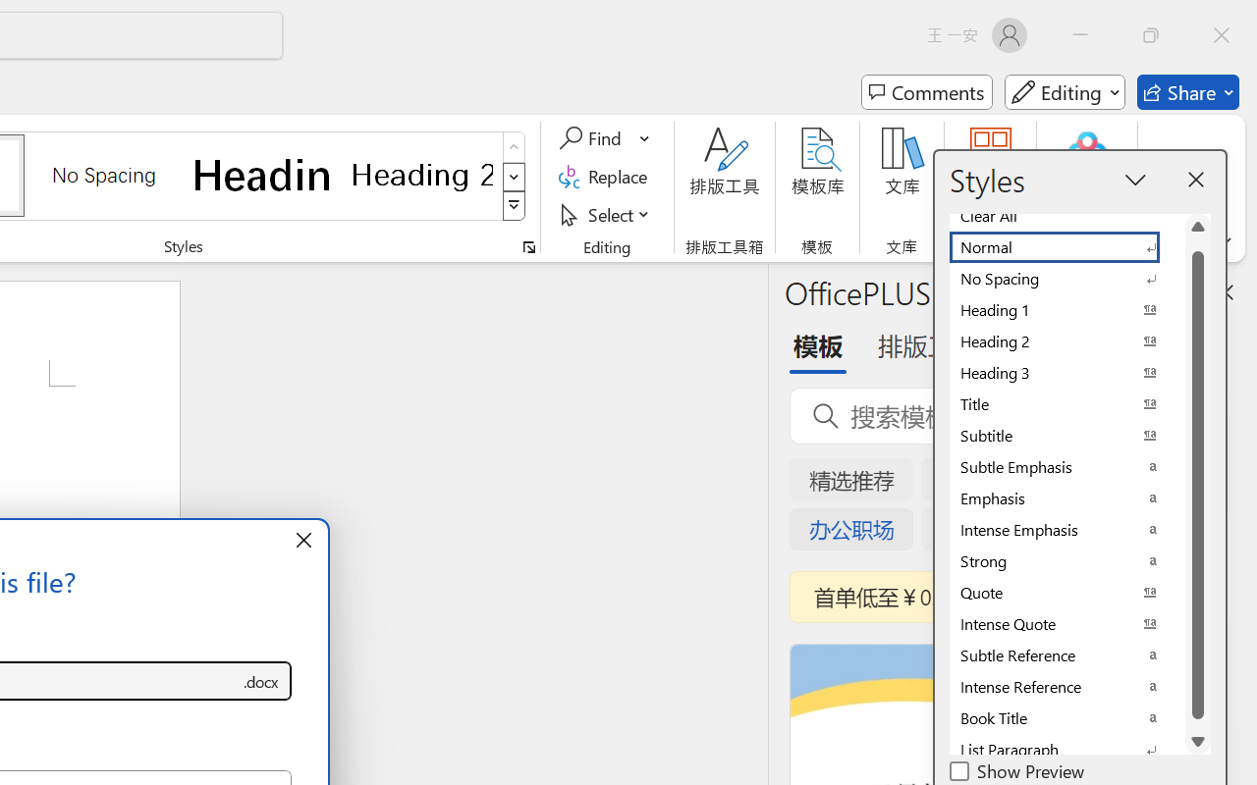  I want to click on 'Normal', so click(1066, 246).